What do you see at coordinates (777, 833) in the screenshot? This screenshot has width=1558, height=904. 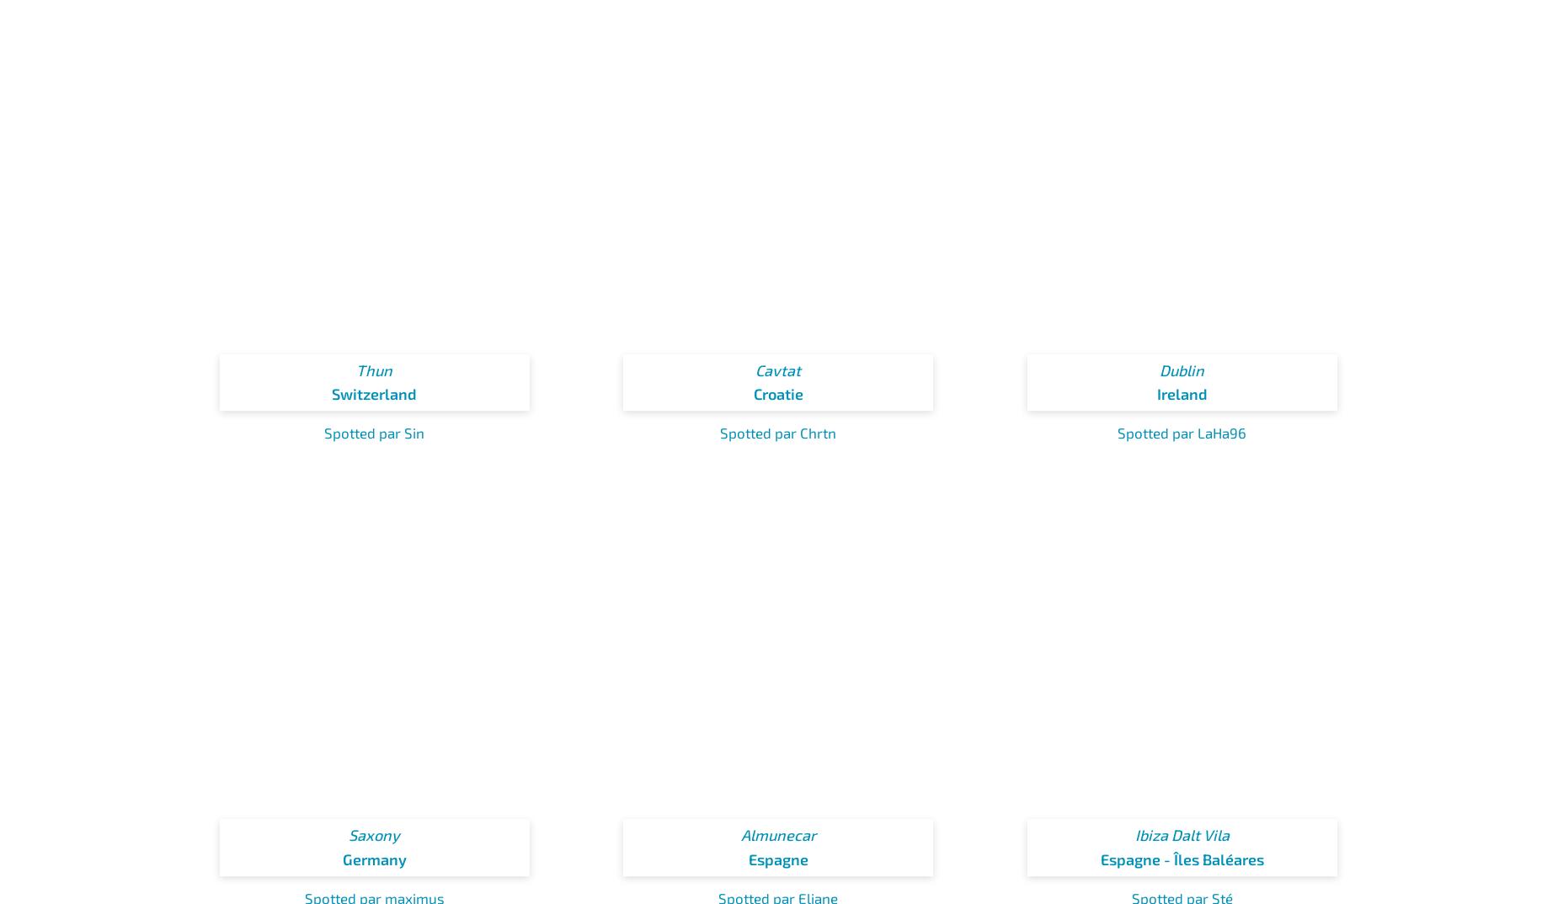 I see `'Almunecar'` at bounding box center [777, 833].